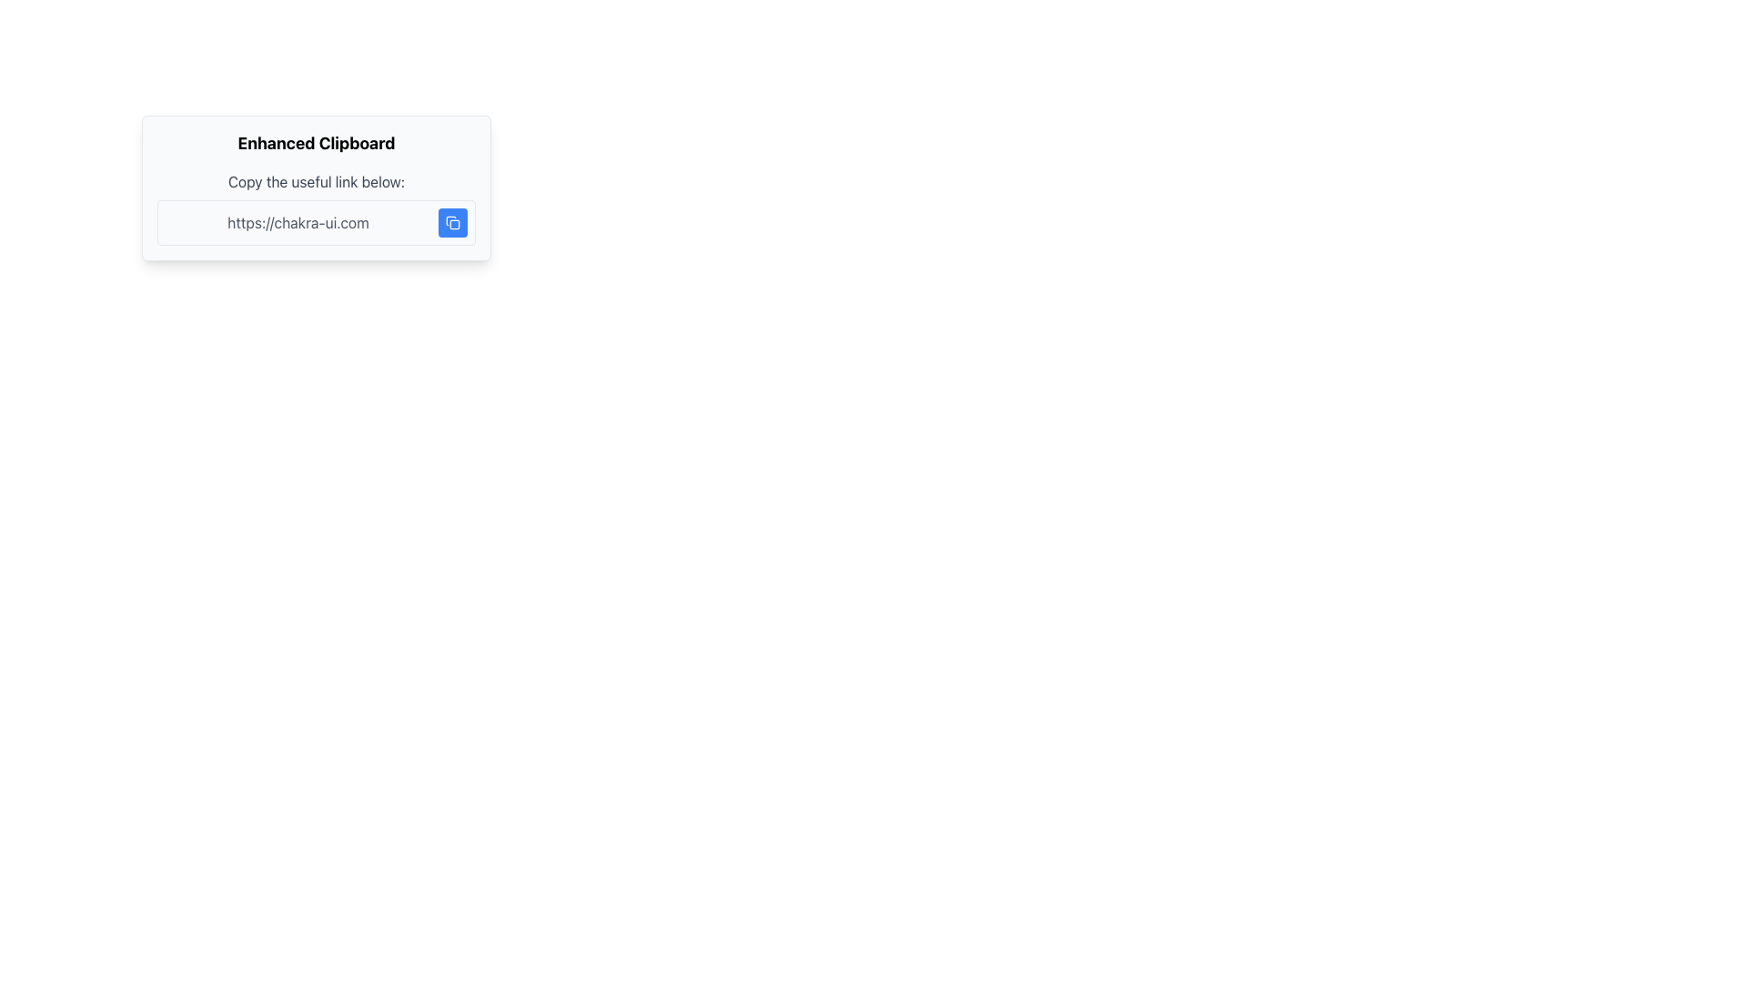 The image size is (1747, 983). I want to click on the 'copy' icon, which resembles overlapping rectangles and is located within a rounded blue button to the right of the URL text box 'https://chakra-ui.com', to copy the adjacent text, so click(453, 222).